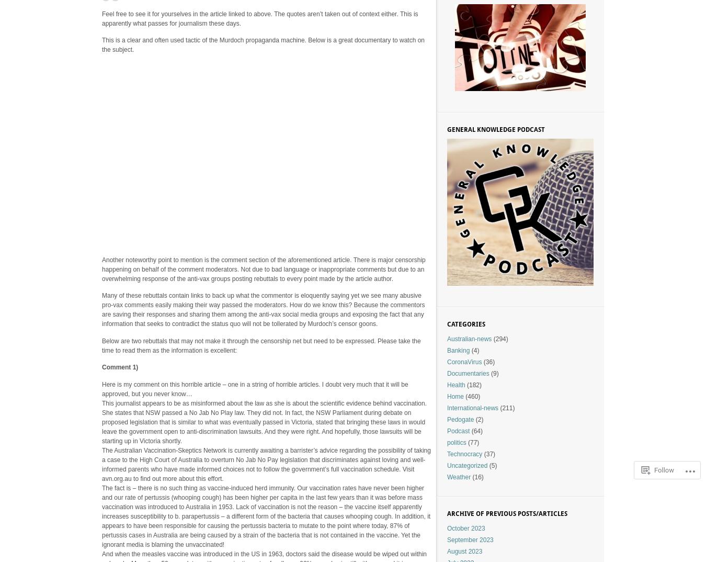 The height and width of the screenshot is (562, 706). Describe the element at coordinates (460, 419) in the screenshot. I see `'Pedogate'` at that location.